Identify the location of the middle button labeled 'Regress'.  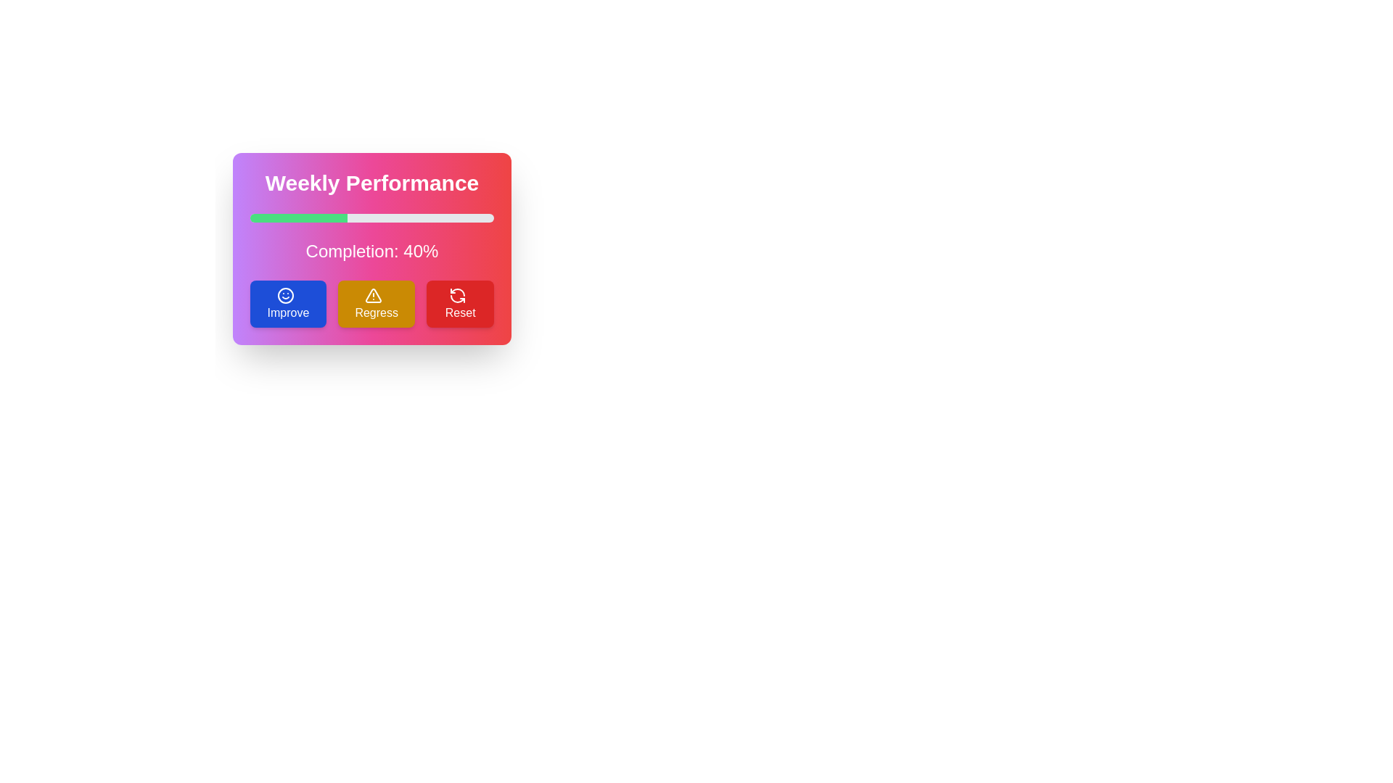
(372, 303).